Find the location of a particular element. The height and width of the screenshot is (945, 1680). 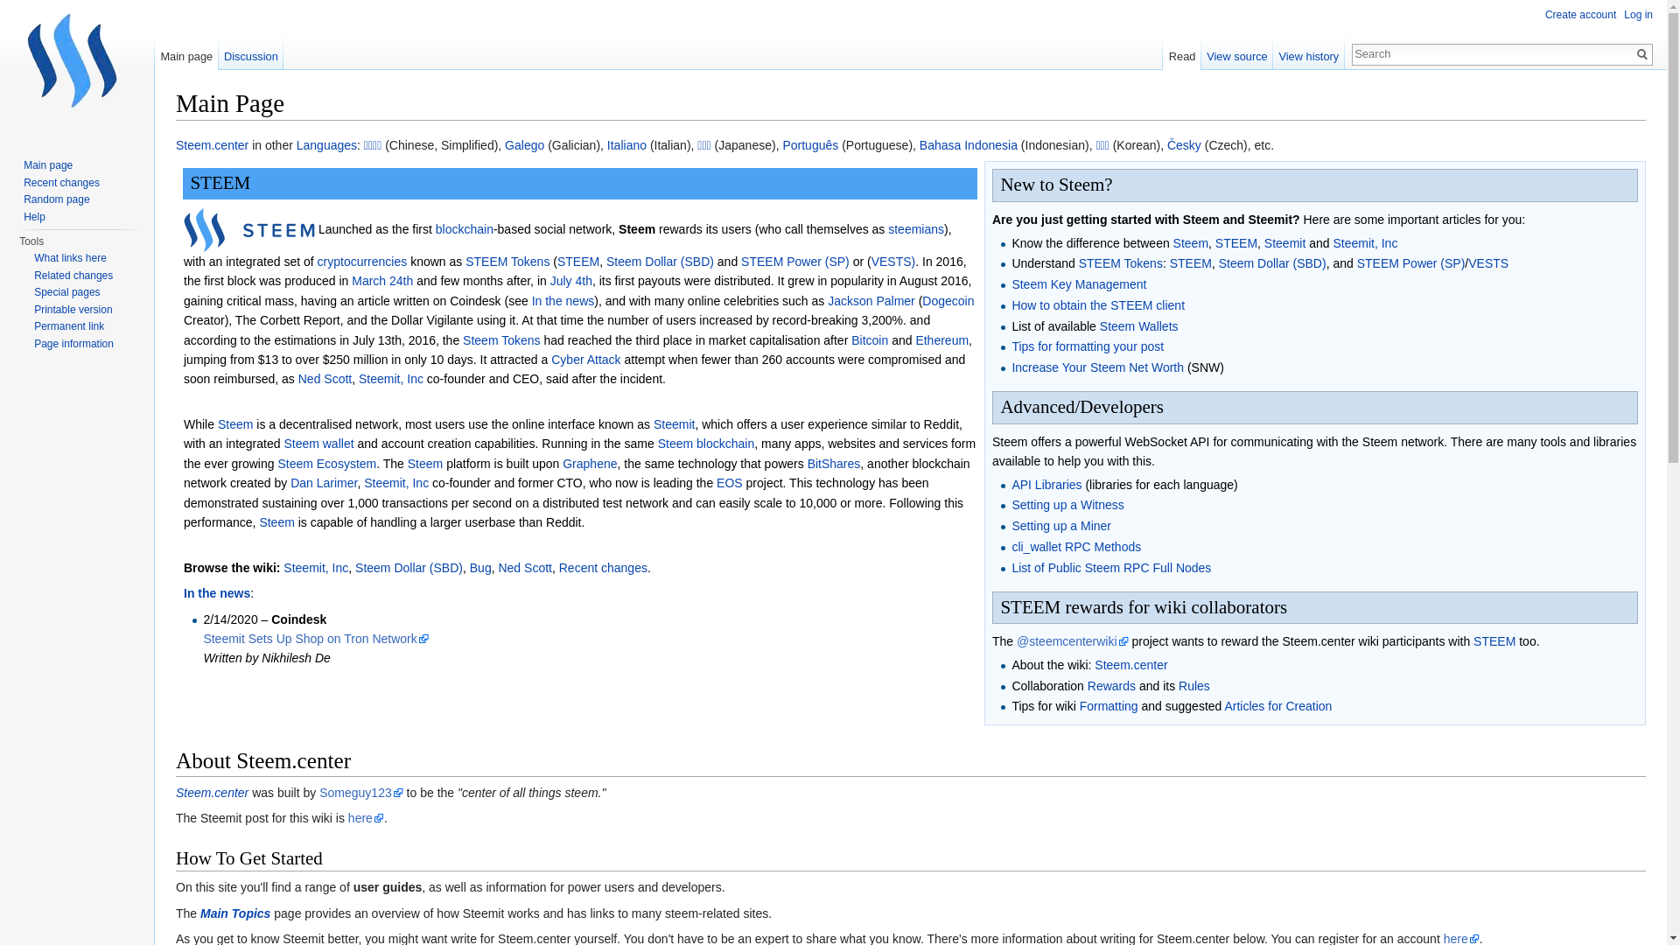

'Cyber Attack' is located at coordinates (585, 359).